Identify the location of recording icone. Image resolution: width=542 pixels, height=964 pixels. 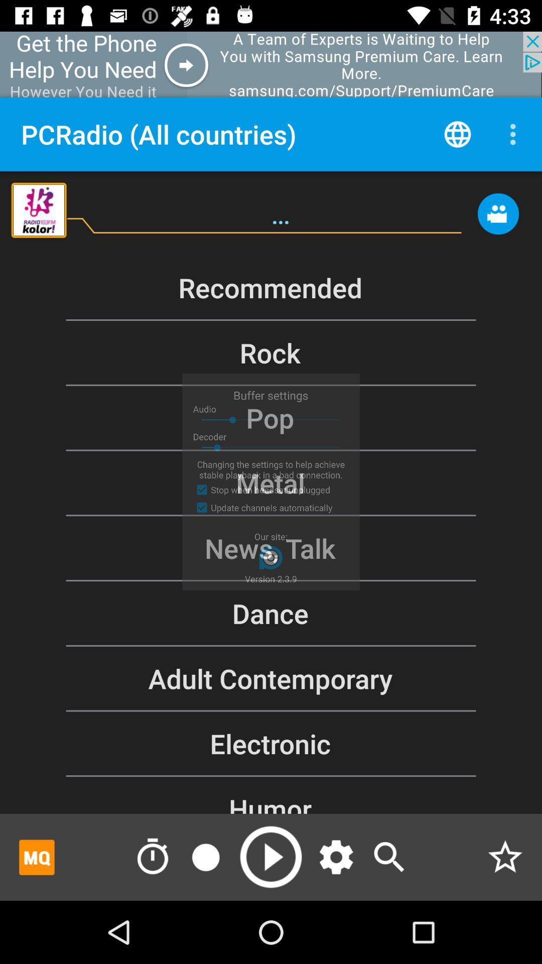
(205, 857).